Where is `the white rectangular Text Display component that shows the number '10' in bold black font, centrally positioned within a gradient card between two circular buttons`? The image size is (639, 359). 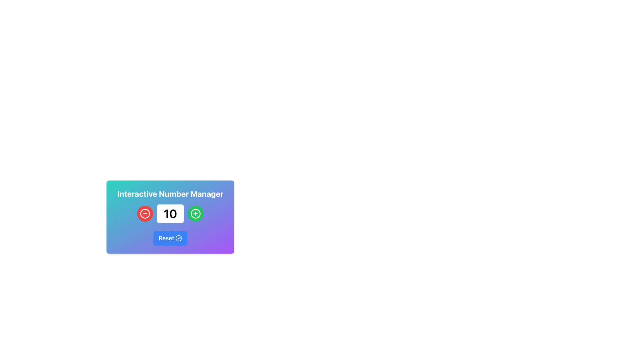
the white rectangular Text Display component that shows the number '10' in bold black font, centrally positioned within a gradient card between two circular buttons is located at coordinates (170, 217).